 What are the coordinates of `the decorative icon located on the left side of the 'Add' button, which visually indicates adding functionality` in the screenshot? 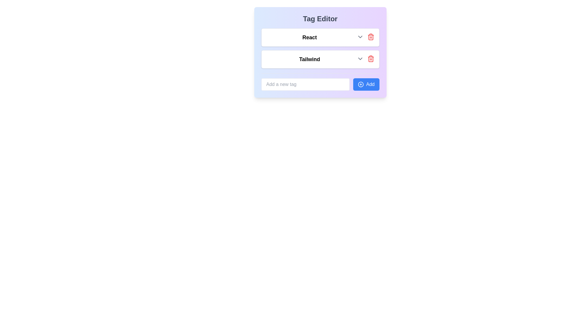 It's located at (361, 84).